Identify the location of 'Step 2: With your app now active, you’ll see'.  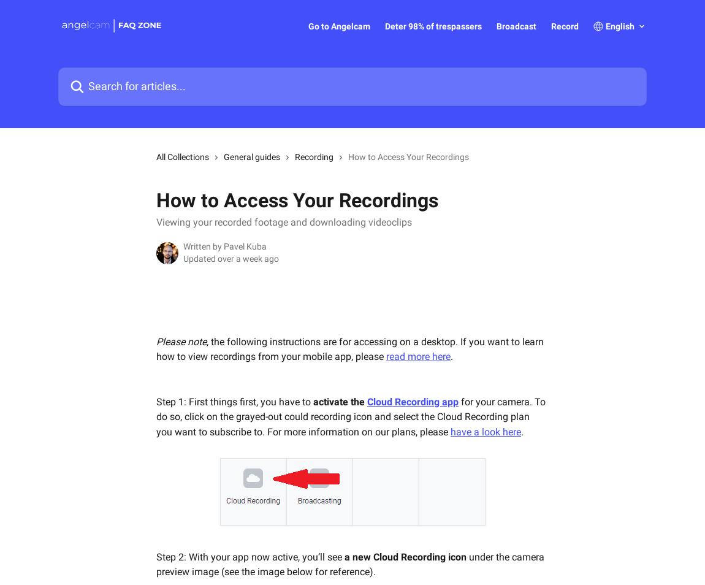
(250, 556).